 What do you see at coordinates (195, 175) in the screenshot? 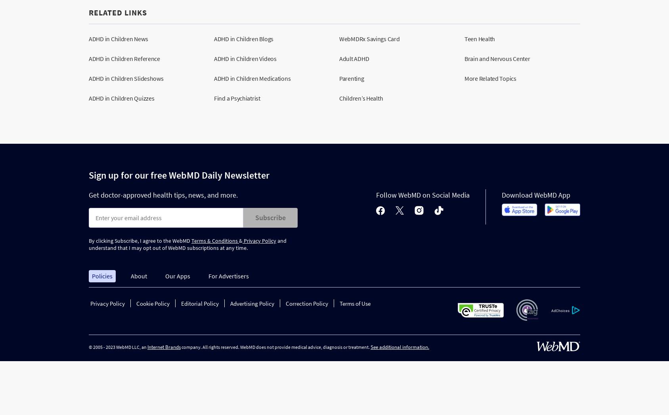
I see `'WebMD Daily'` at bounding box center [195, 175].